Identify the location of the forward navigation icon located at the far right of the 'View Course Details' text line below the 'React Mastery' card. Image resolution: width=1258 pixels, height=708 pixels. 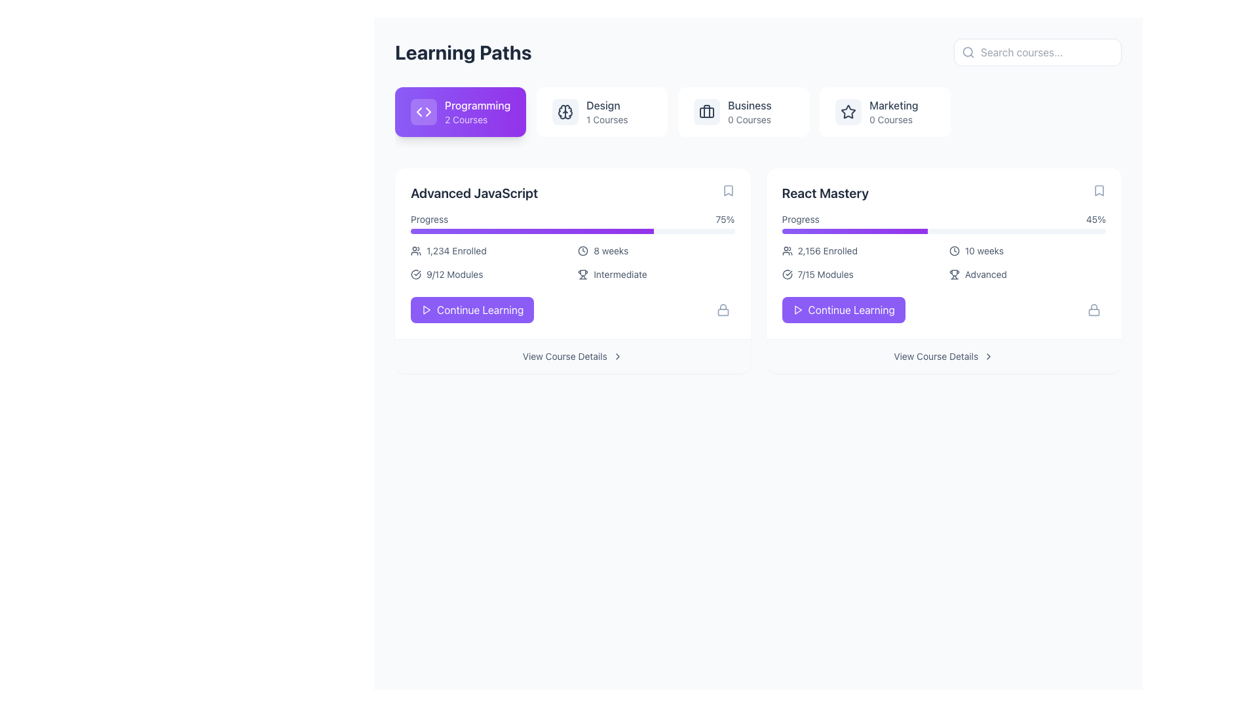
(988, 356).